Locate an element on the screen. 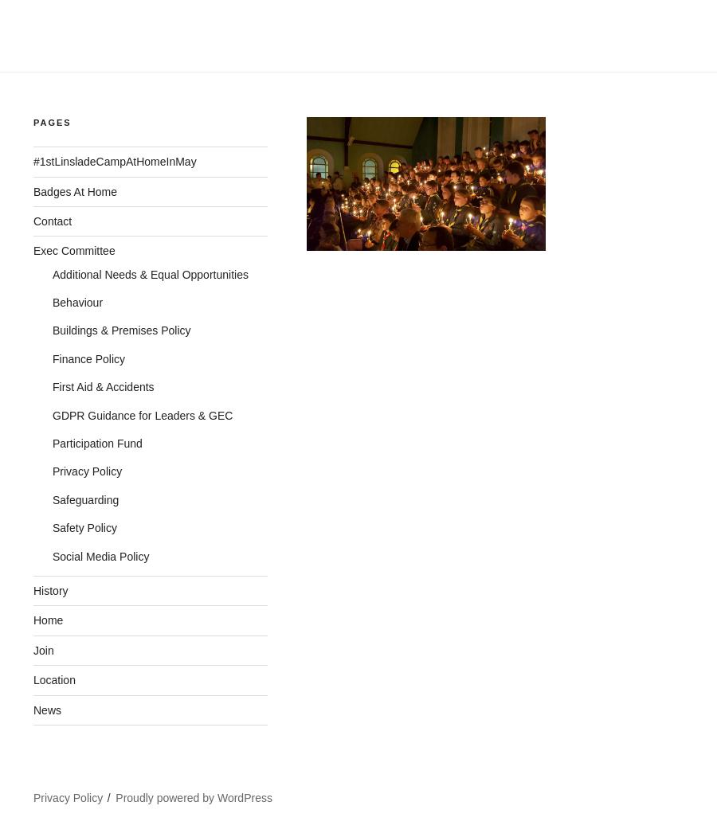  'Finance Policy' is located at coordinates (51, 357).